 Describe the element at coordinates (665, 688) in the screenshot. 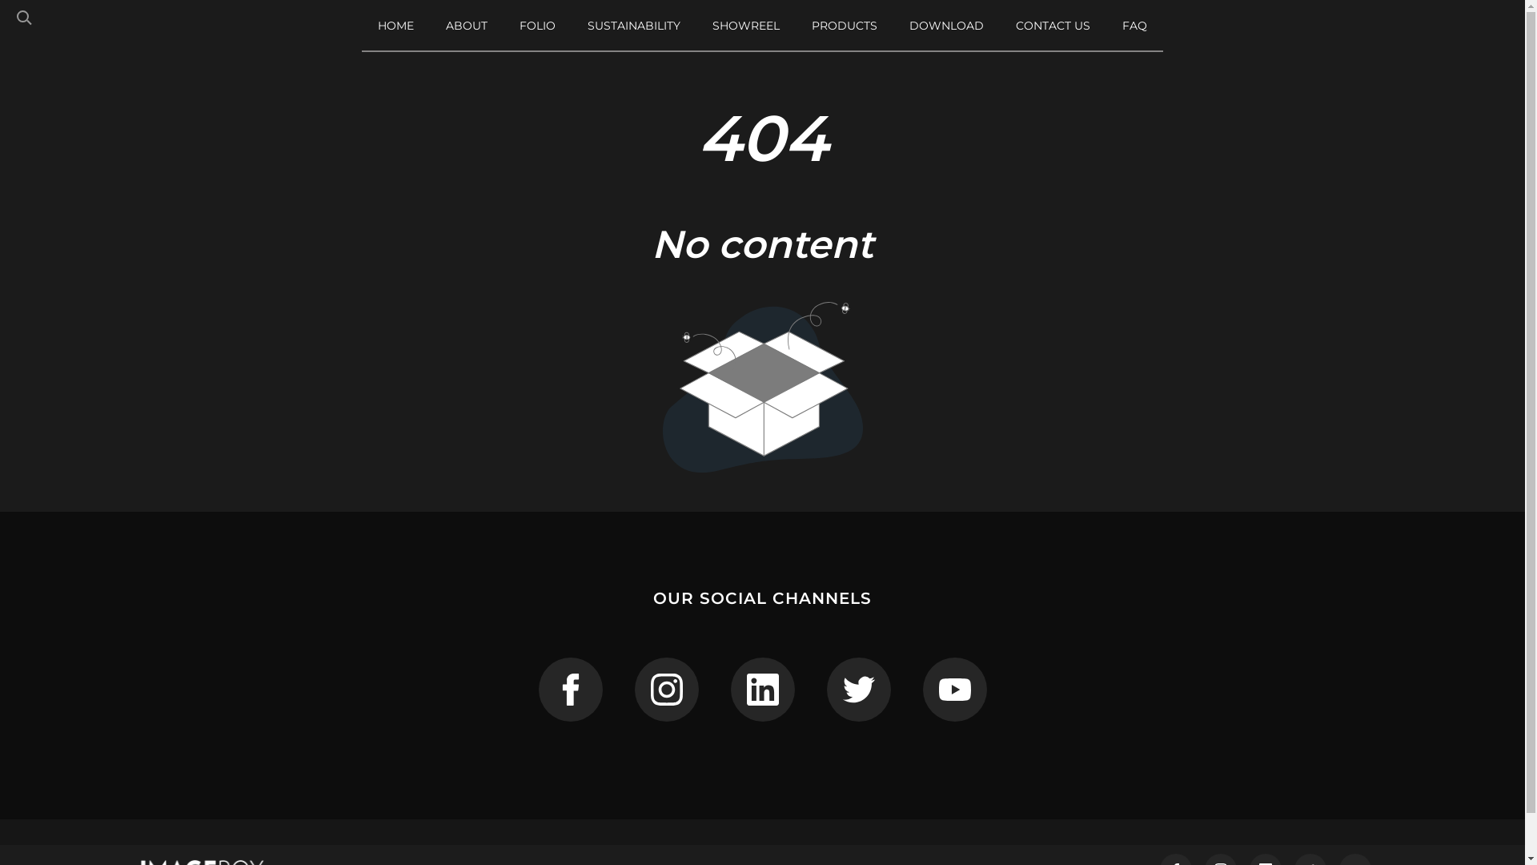

I see `'ImageBox on Instagram'` at that location.